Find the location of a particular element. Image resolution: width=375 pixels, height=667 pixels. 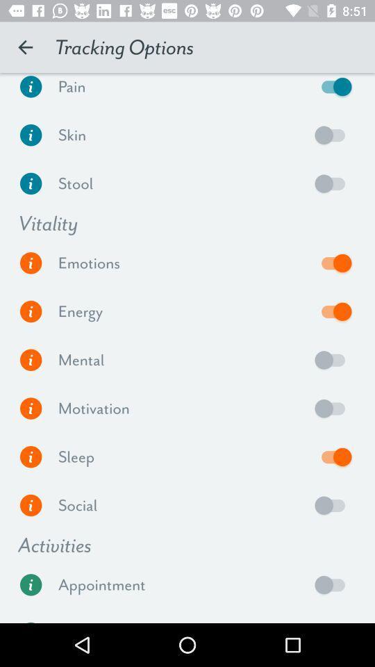

read more info on energy is located at coordinates (31, 311).